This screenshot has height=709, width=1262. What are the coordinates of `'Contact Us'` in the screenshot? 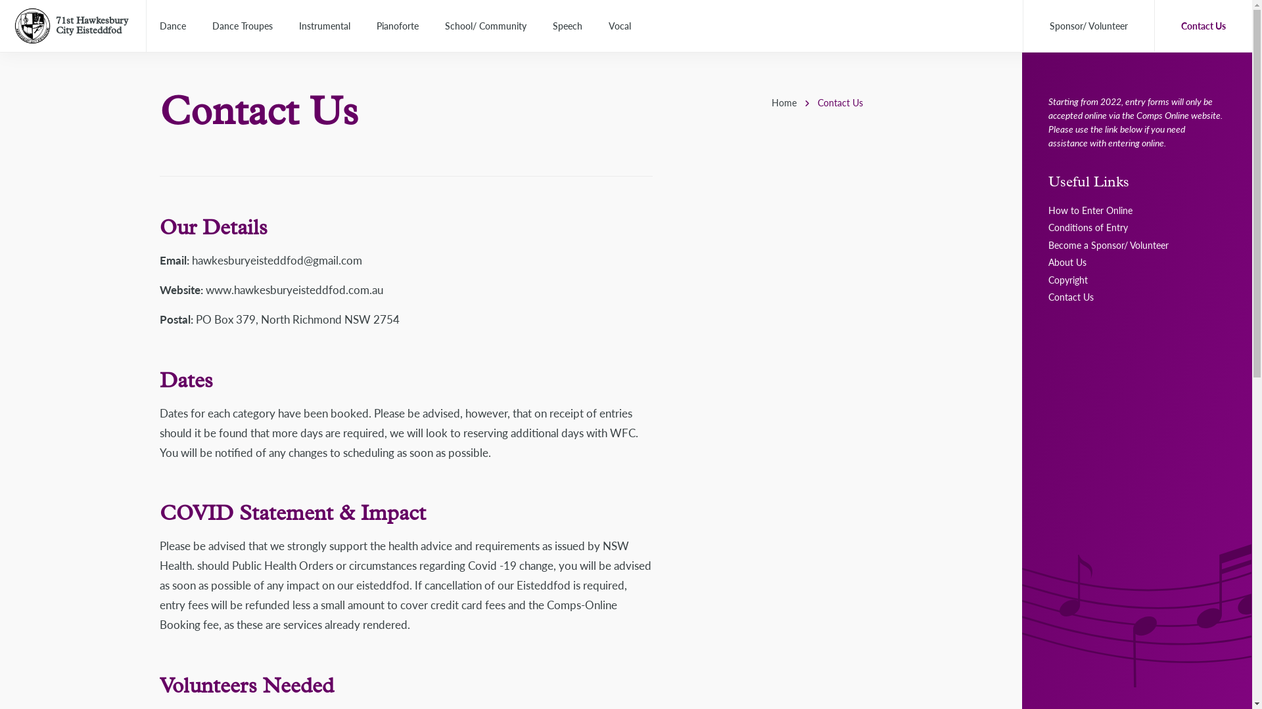 It's located at (1203, 26).